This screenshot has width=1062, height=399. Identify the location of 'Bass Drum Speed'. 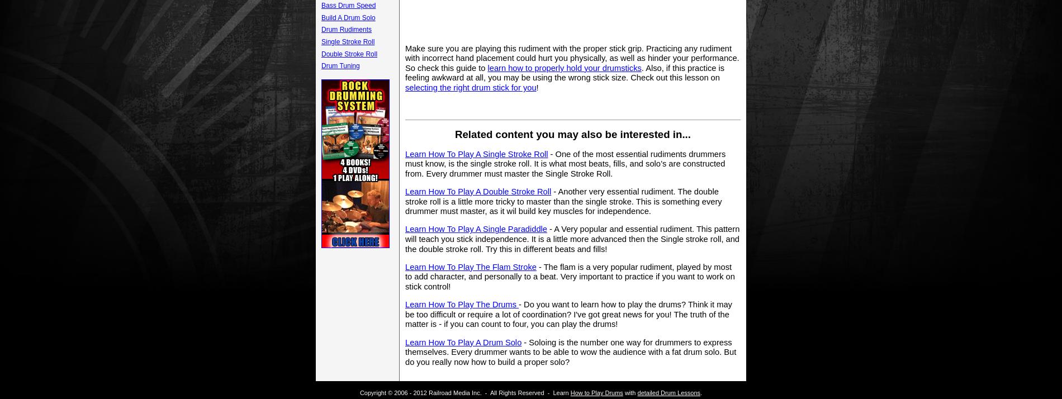
(348, 5).